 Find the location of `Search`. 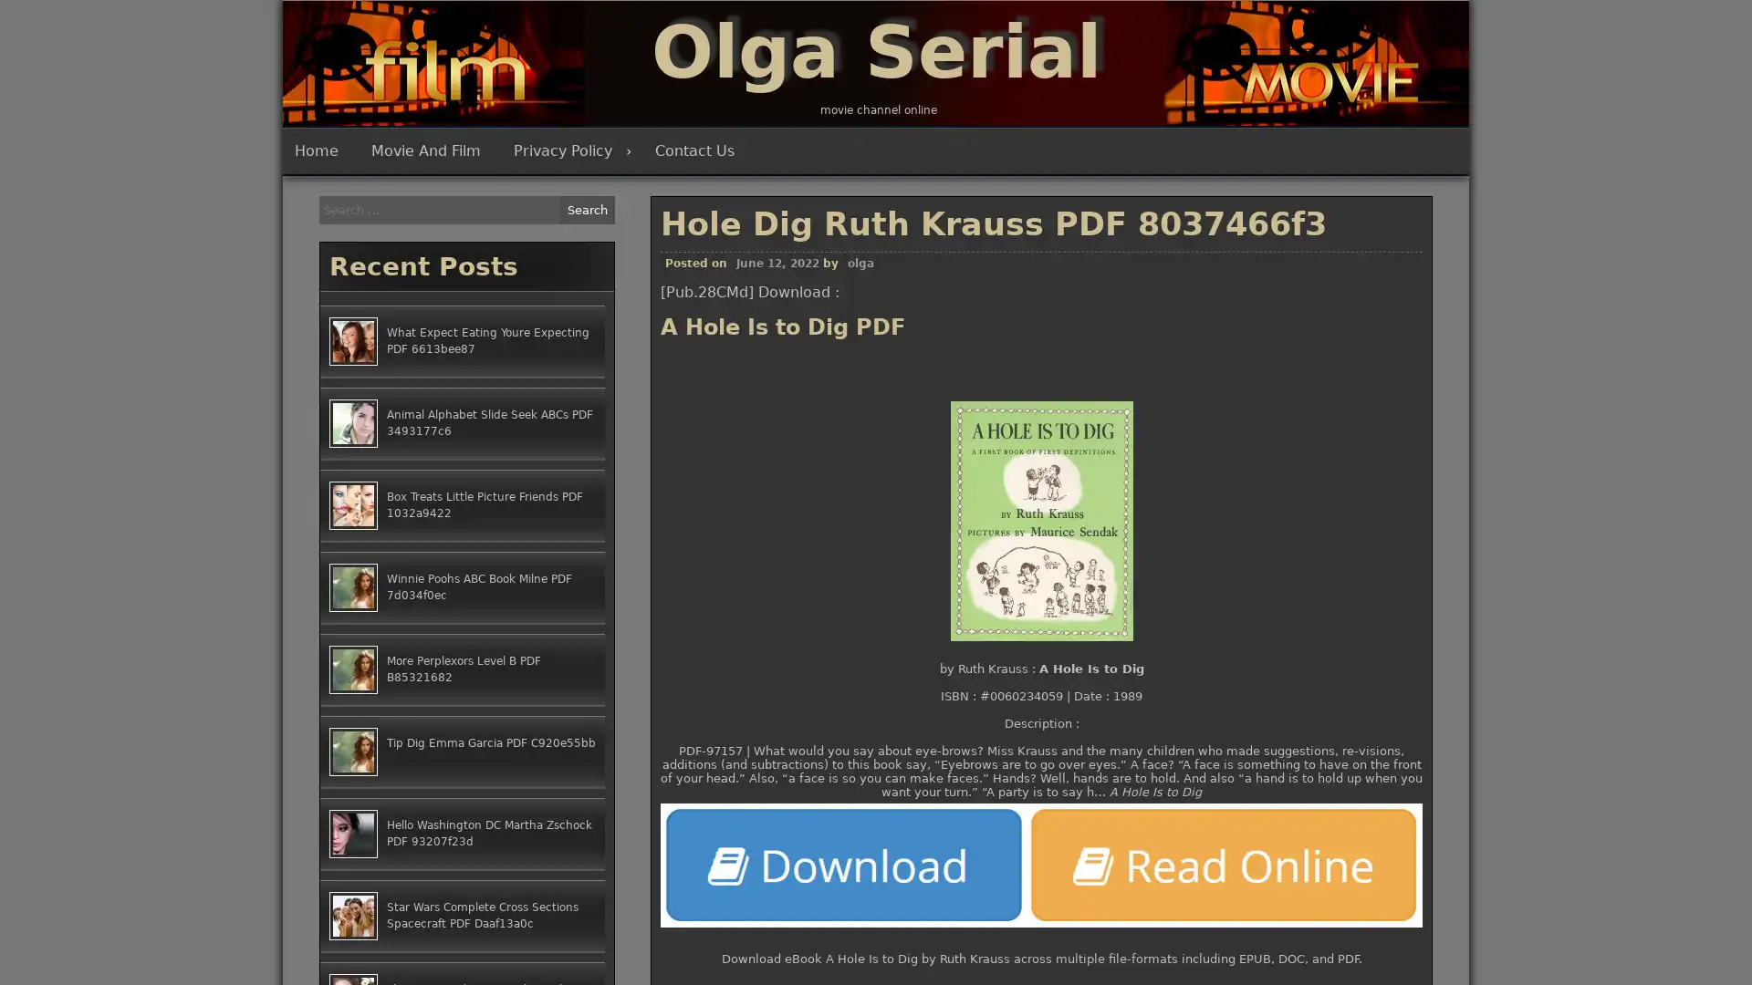

Search is located at coordinates (587, 209).